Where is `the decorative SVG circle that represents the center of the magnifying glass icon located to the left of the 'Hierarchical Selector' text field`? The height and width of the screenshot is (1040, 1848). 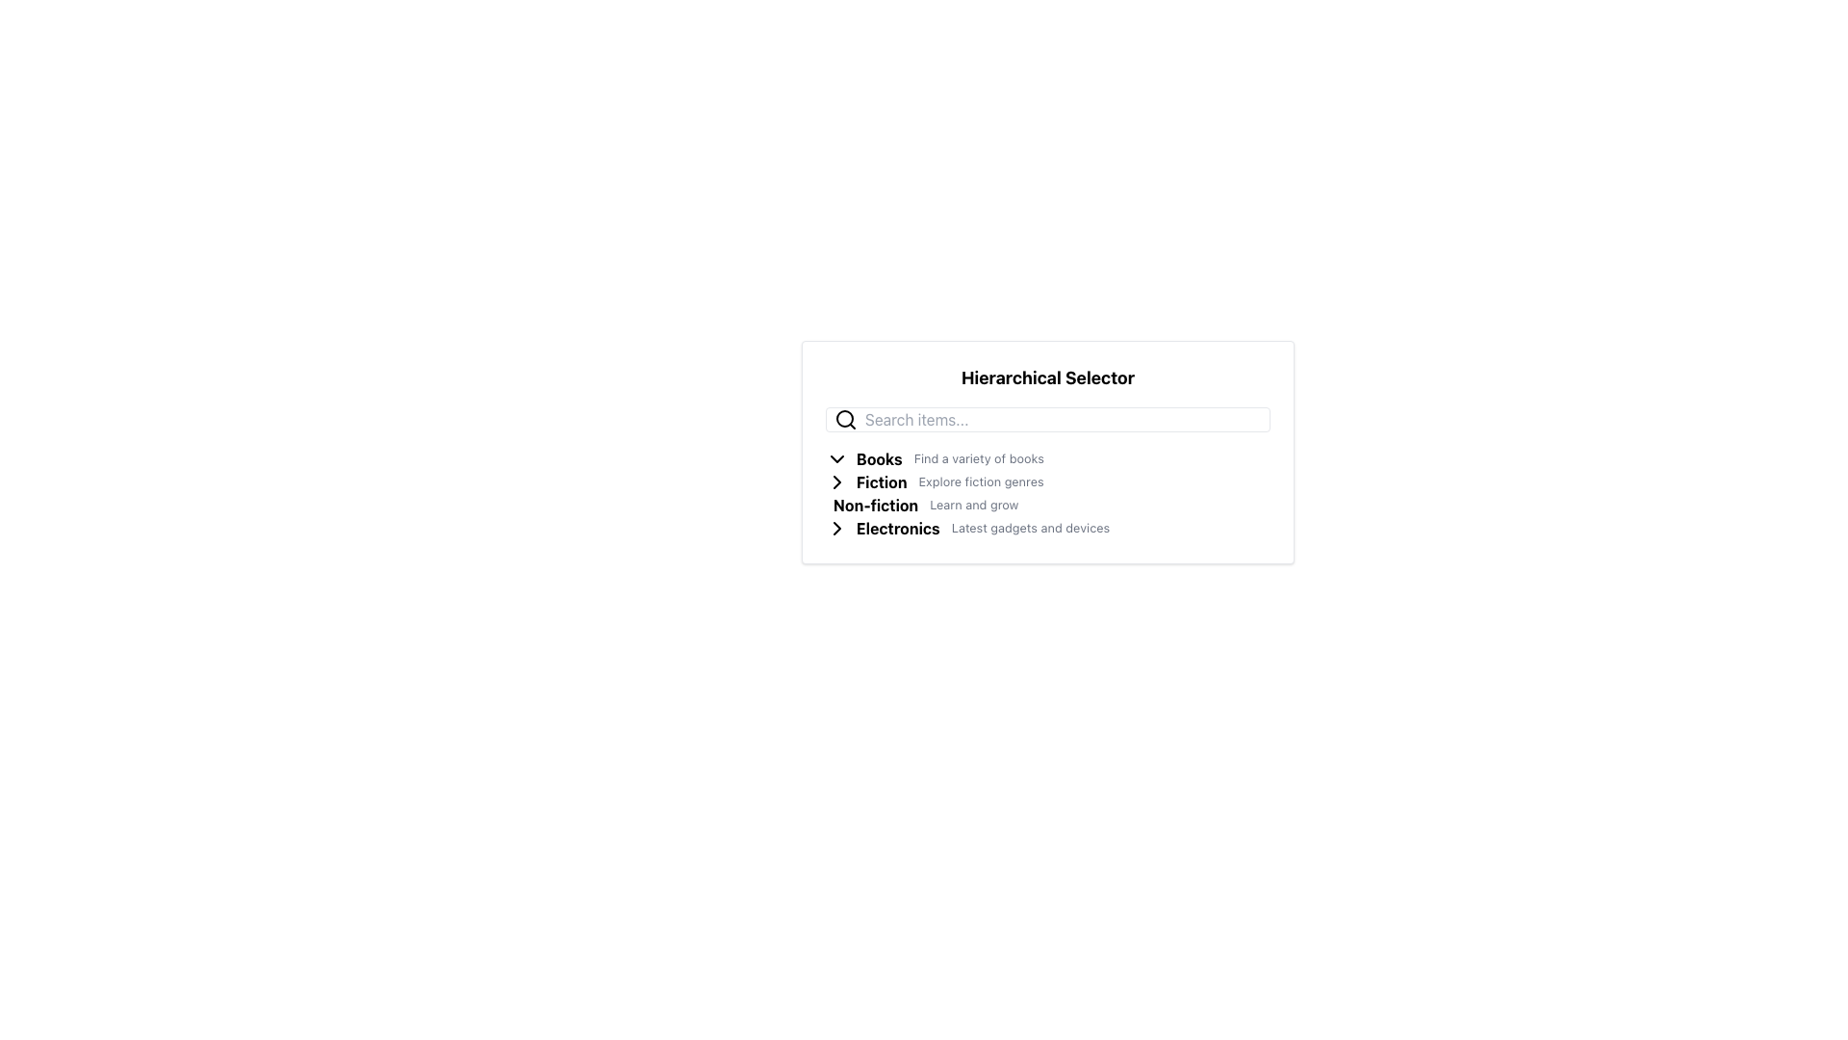
the decorative SVG circle that represents the center of the magnifying glass icon located to the left of the 'Hierarchical Selector' text field is located at coordinates (845, 418).